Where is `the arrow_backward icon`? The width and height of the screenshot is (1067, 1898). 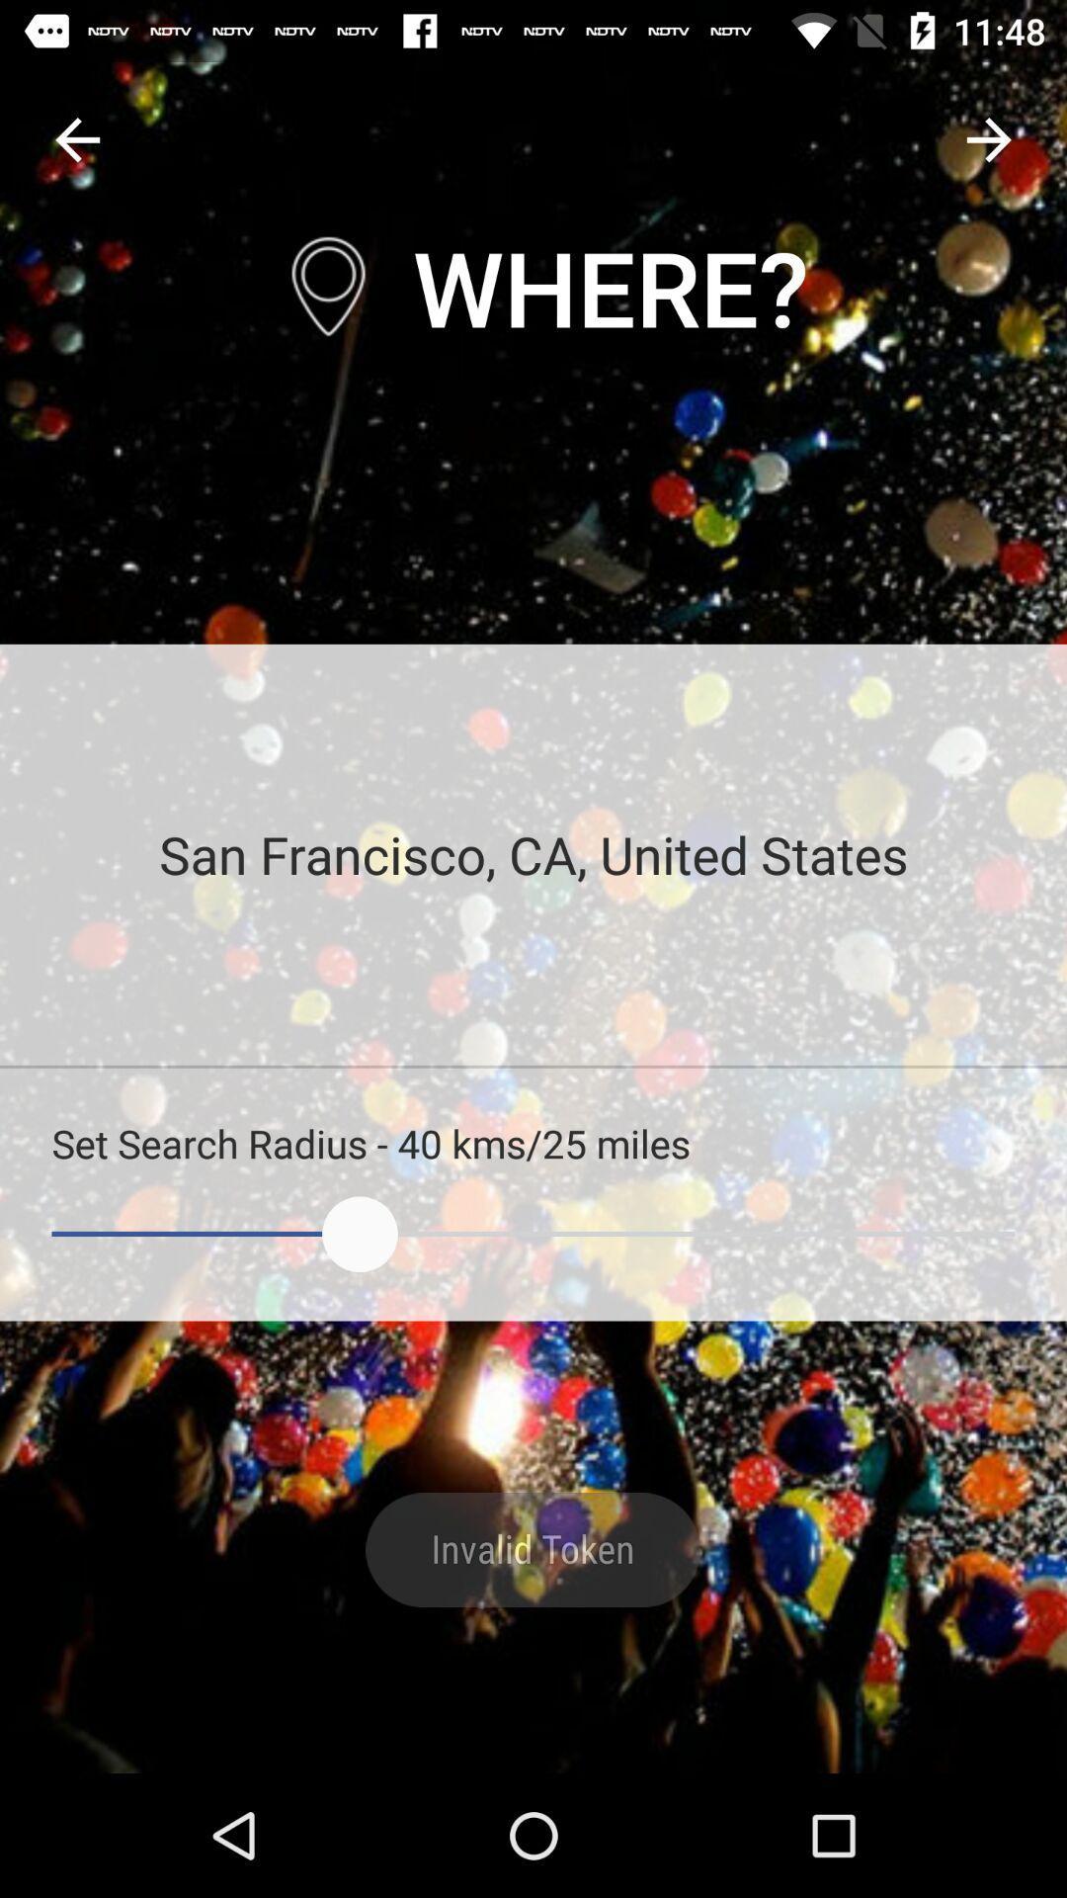 the arrow_backward icon is located at coordinates (76, 138).